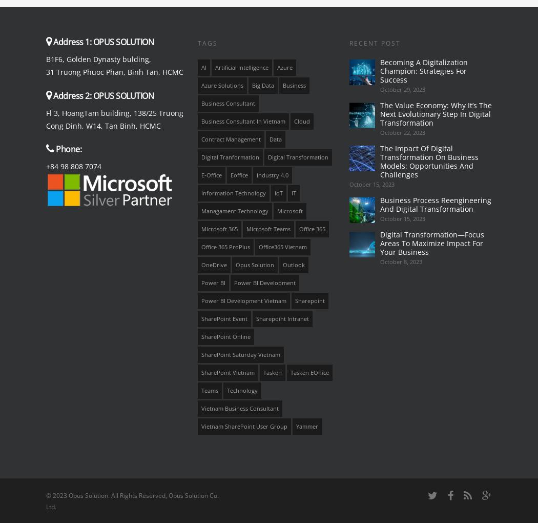  Describe the element at coordinates (435, 205) in the screenshot. I see `'Business Process Reengineering And Digital Transformation'` at that location.